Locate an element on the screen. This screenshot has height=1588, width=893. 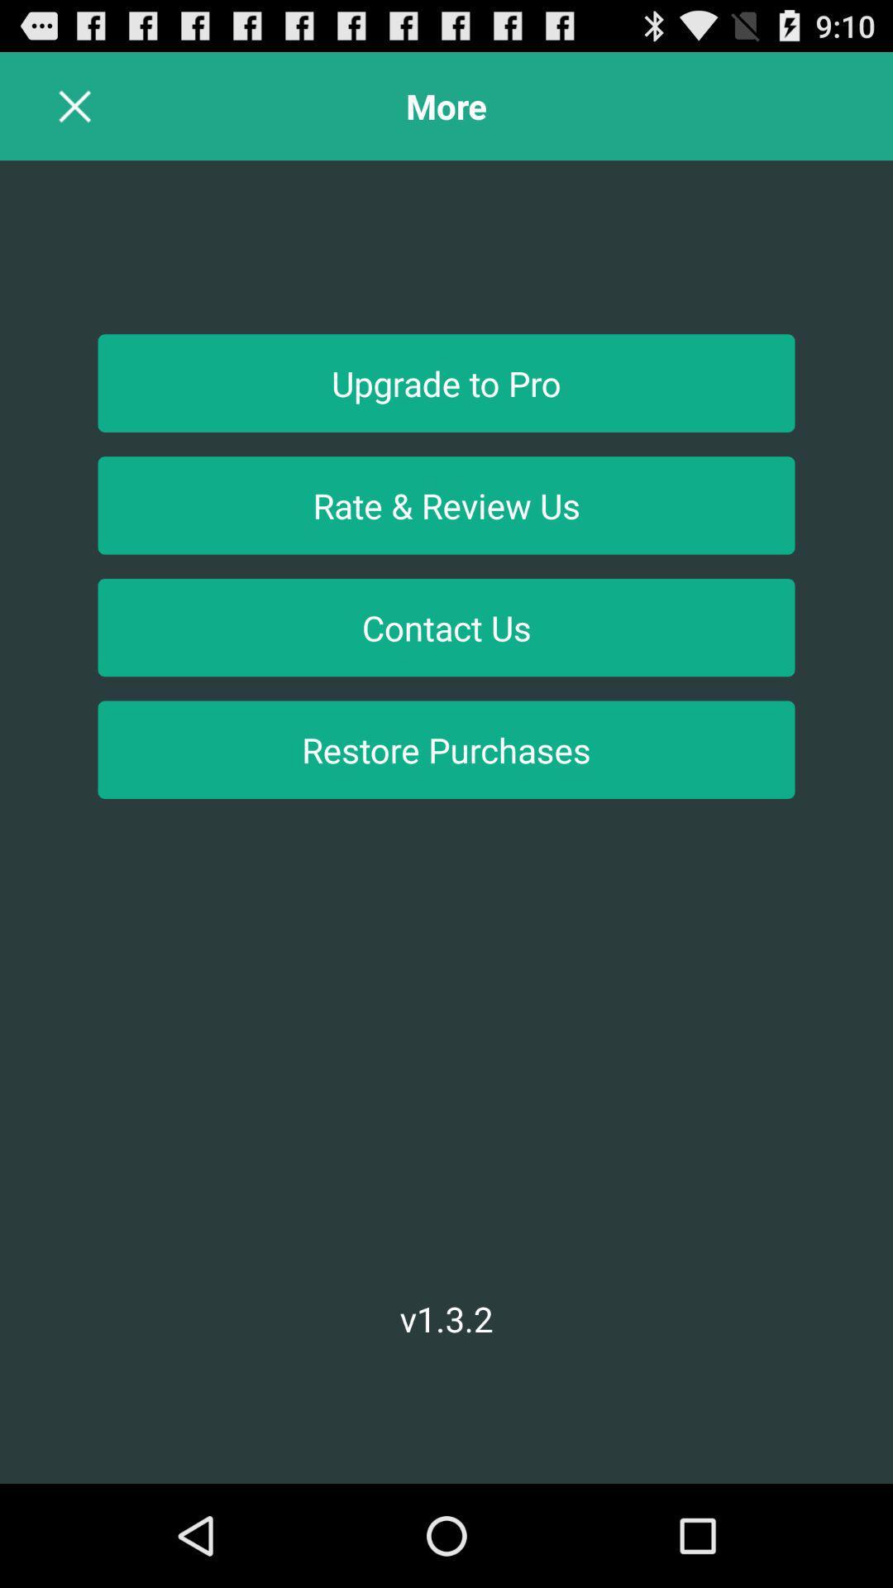
the button below the upgrade to pro icon is located at coordinates (446, 505).